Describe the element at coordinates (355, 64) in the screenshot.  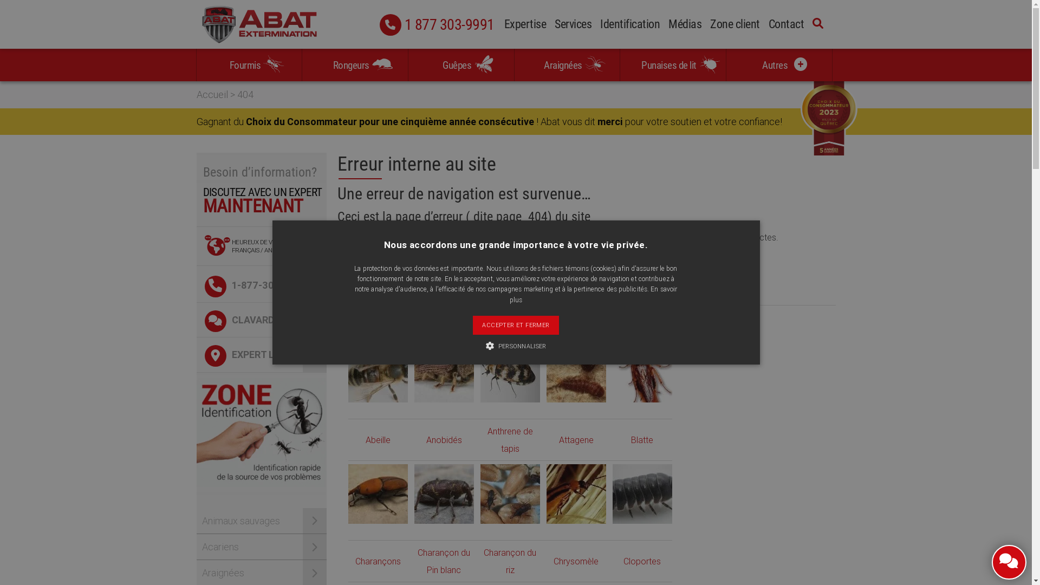
I see `'Rongeurs'` at that location.